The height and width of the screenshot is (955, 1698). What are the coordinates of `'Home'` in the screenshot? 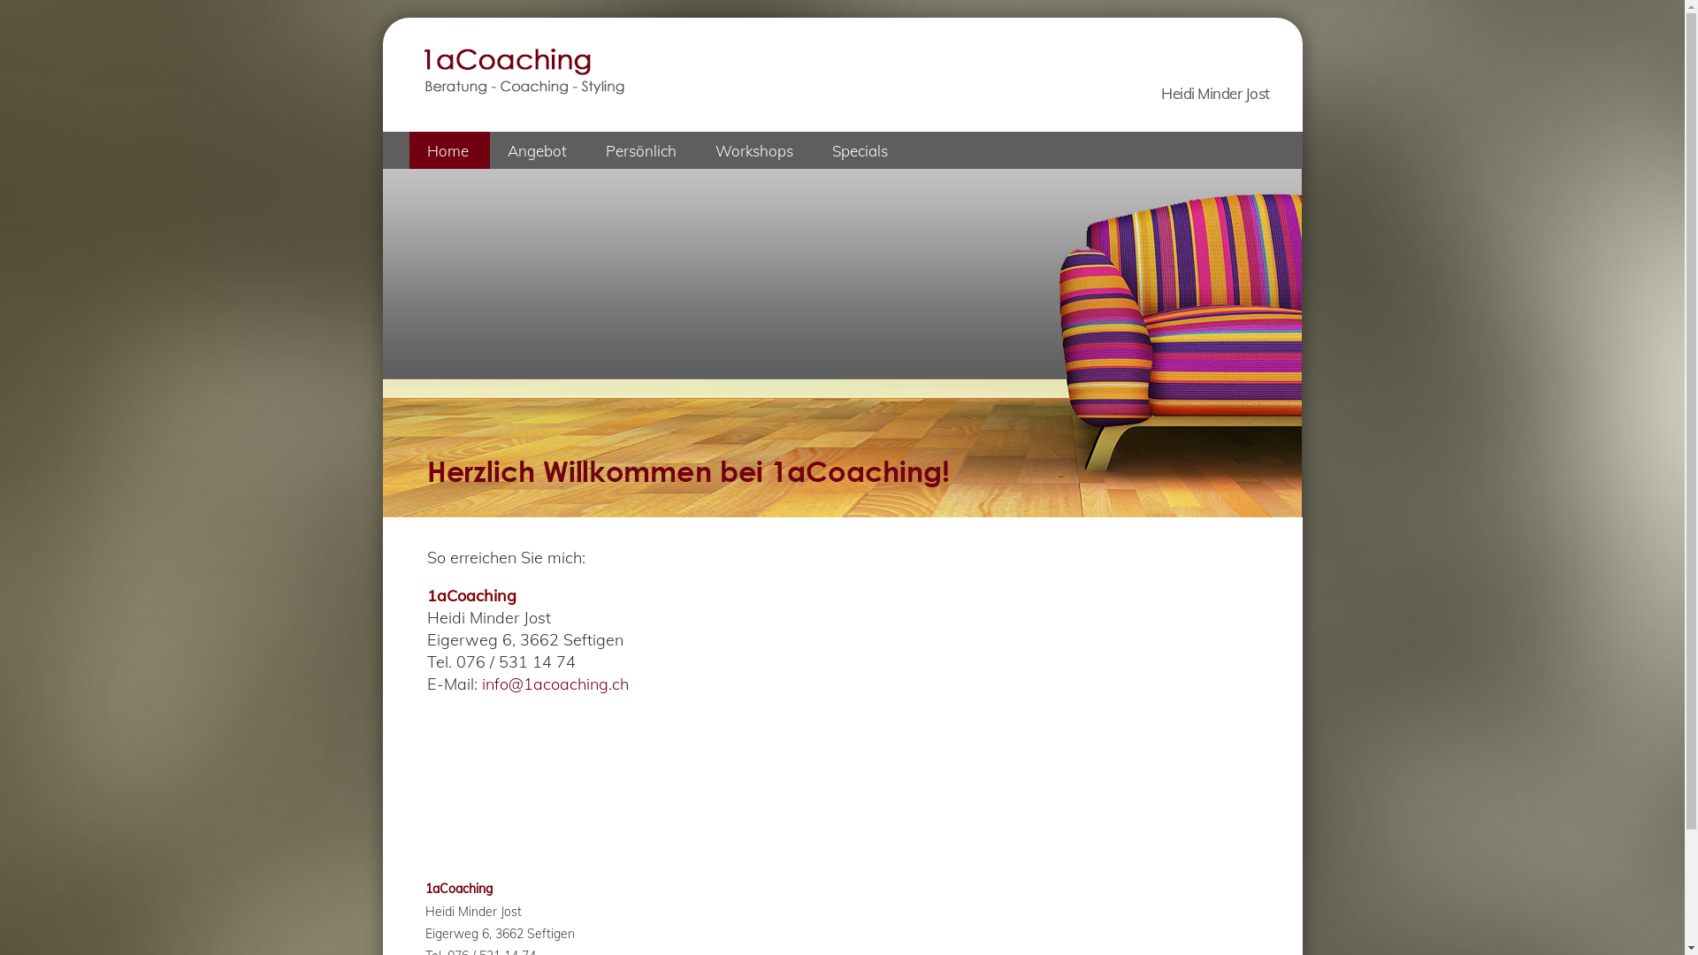 It's located at (448, 149).